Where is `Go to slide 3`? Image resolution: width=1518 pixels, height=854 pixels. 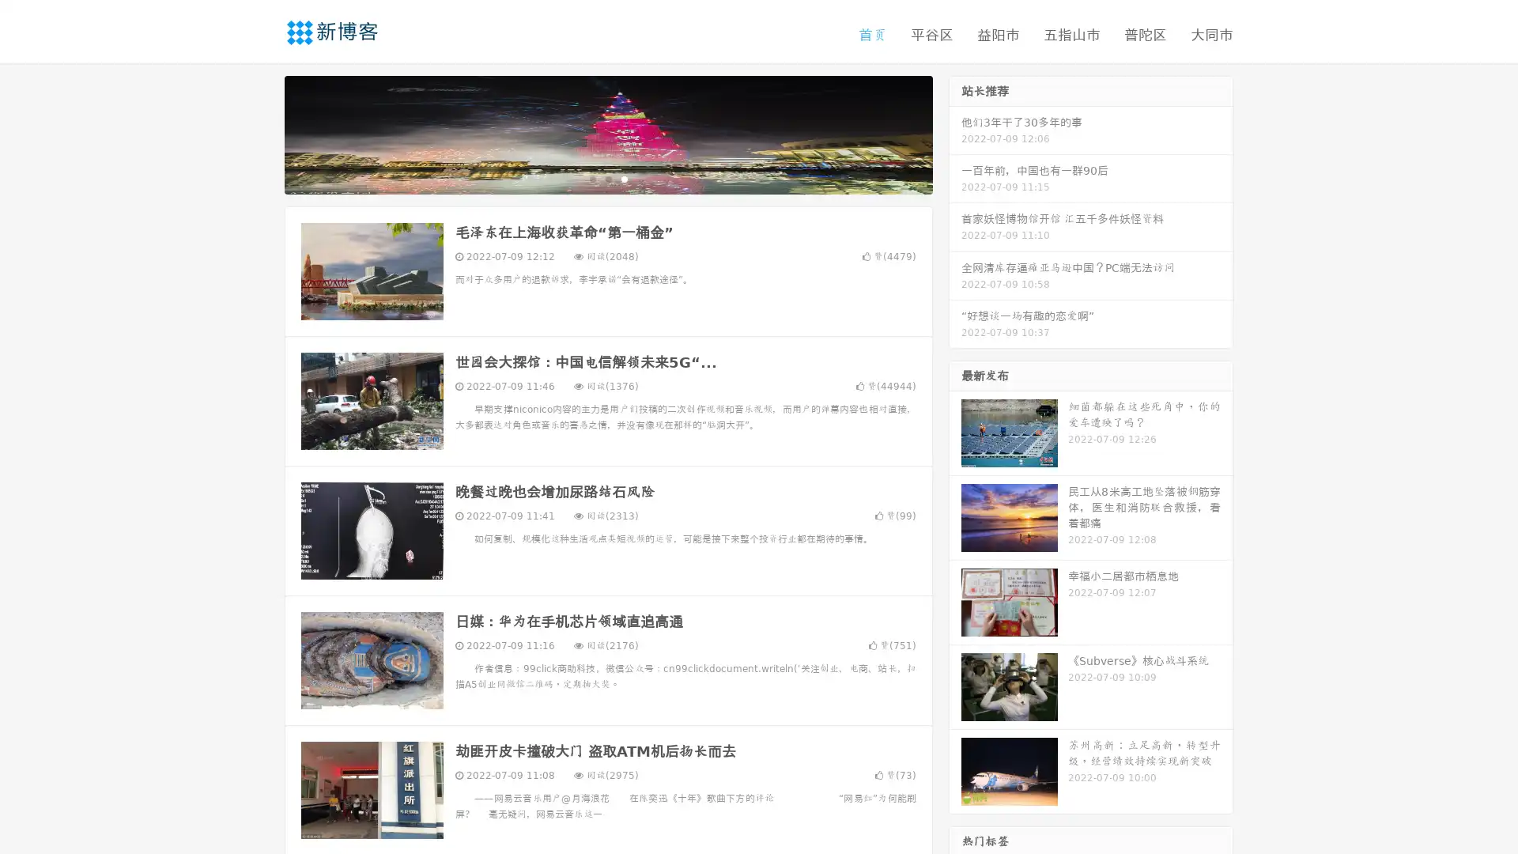
Go to slide 3 is located at coordinates (624, 178).